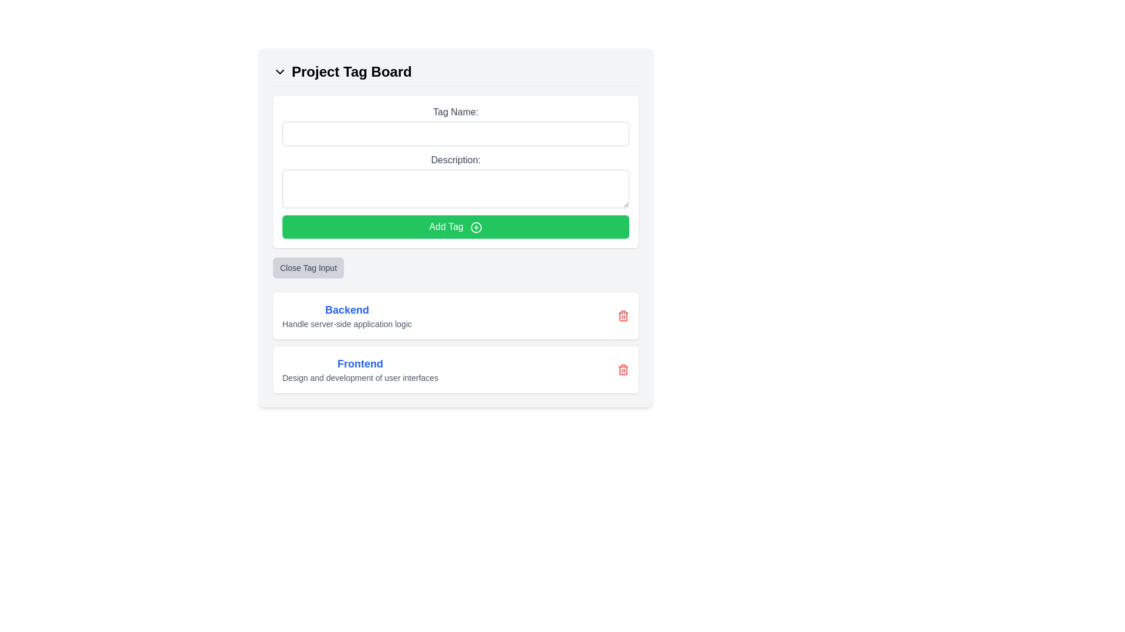 The width and height of the screenshot is (1125, 632). Describe the element at coordinates (455, 112) in the screenshot. I see `the 'Tag Name:' label in gray text styling located within the 'Project Tag Board' form section, positioned directly above the text input field` at that location.